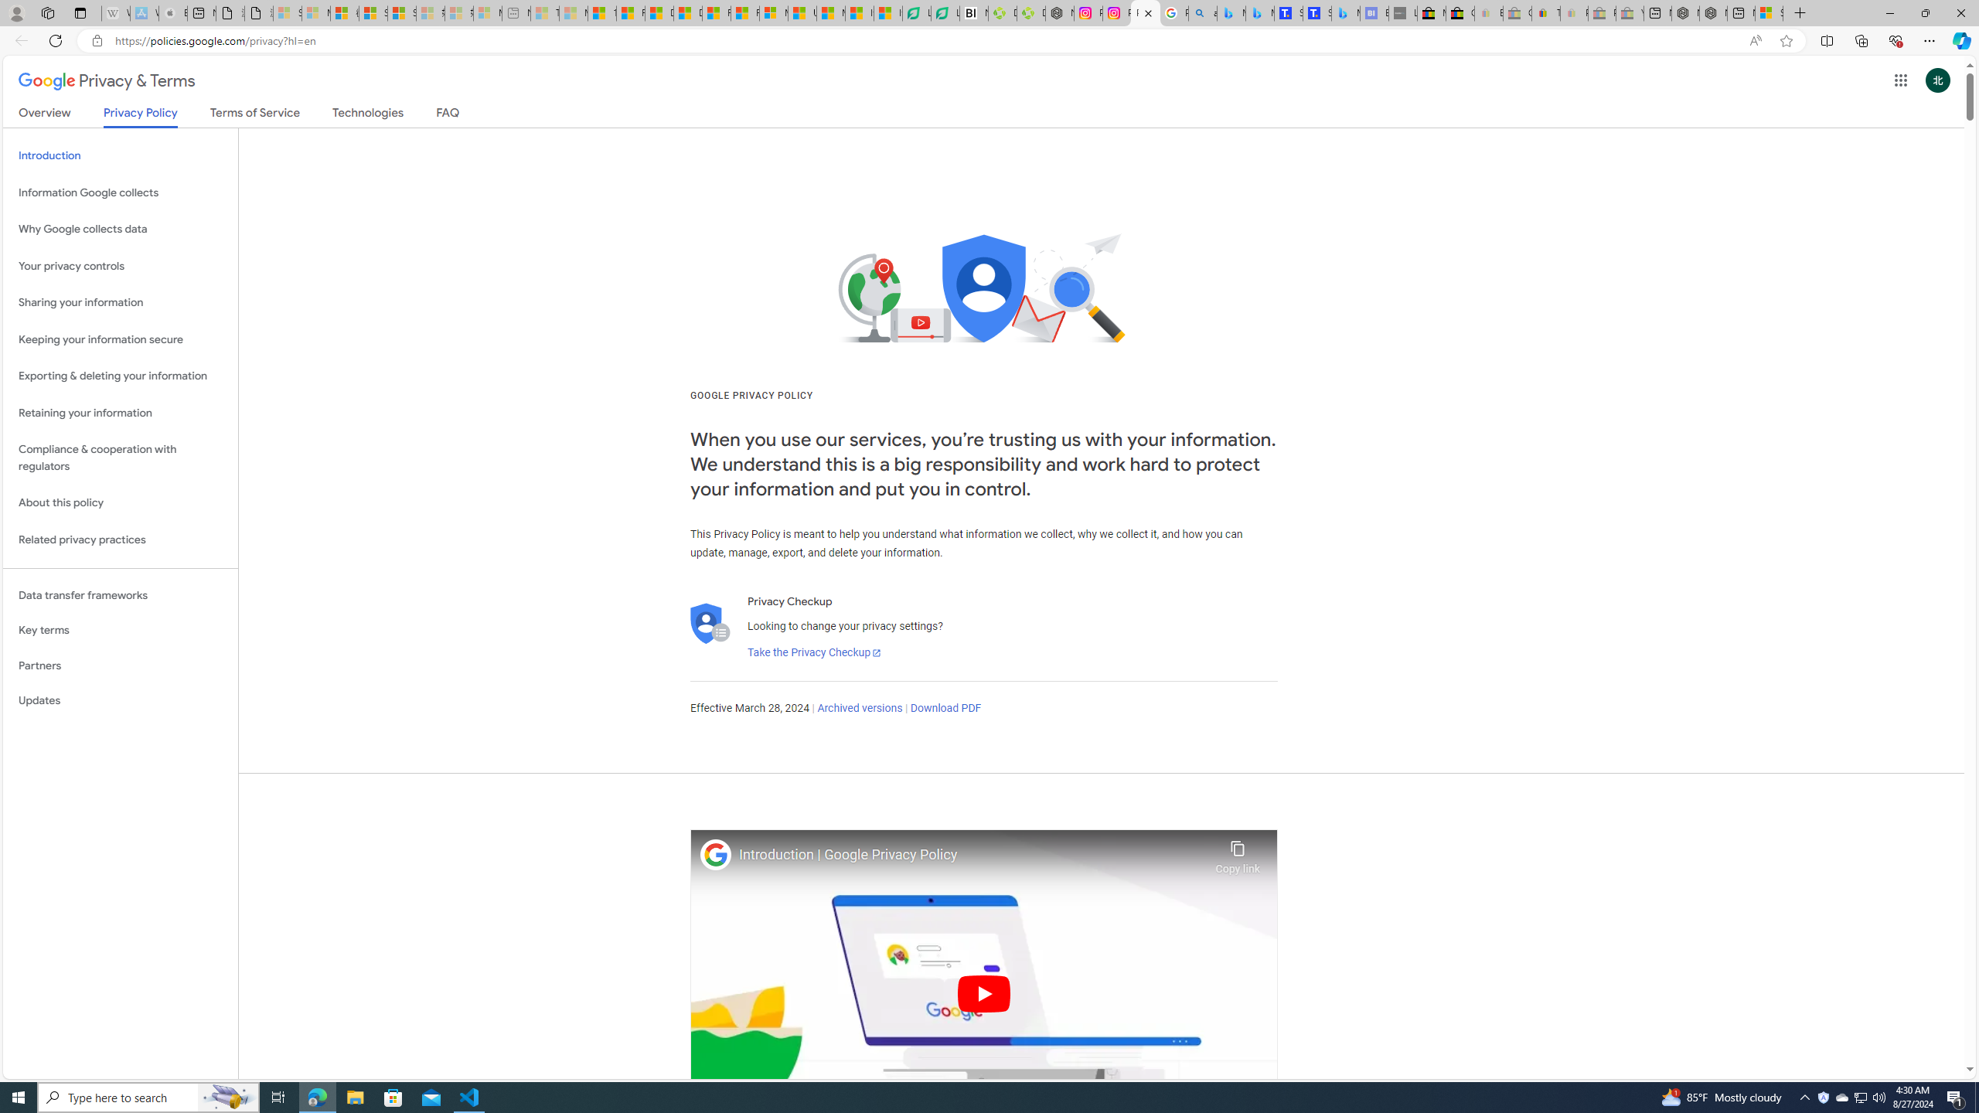  I want to click on 'Data transfer frameworks', so click(120, 594).